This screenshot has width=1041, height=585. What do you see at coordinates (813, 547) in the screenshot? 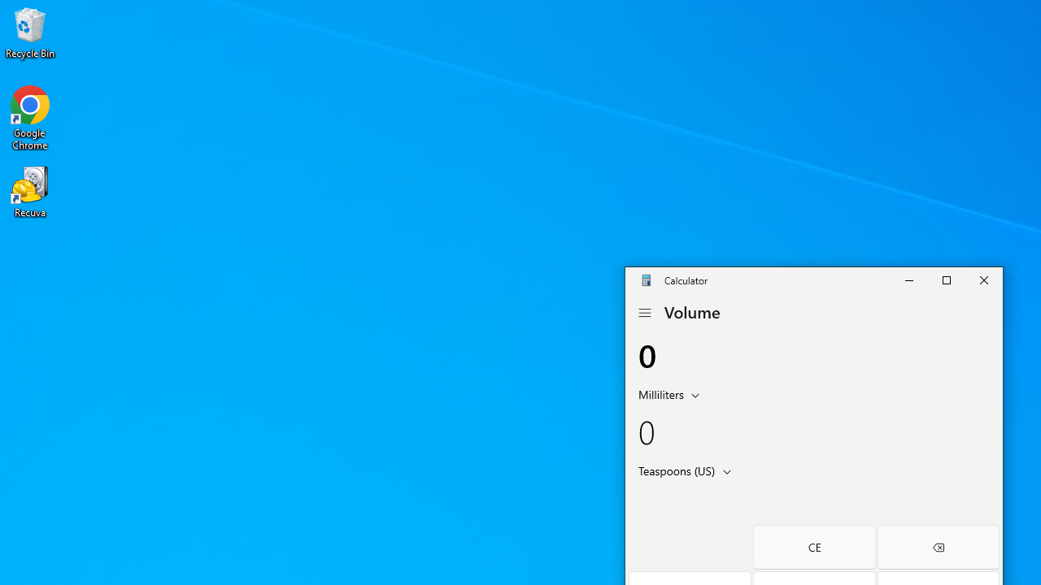
I see `'Clear entry'` at bounding box center [813, 547].